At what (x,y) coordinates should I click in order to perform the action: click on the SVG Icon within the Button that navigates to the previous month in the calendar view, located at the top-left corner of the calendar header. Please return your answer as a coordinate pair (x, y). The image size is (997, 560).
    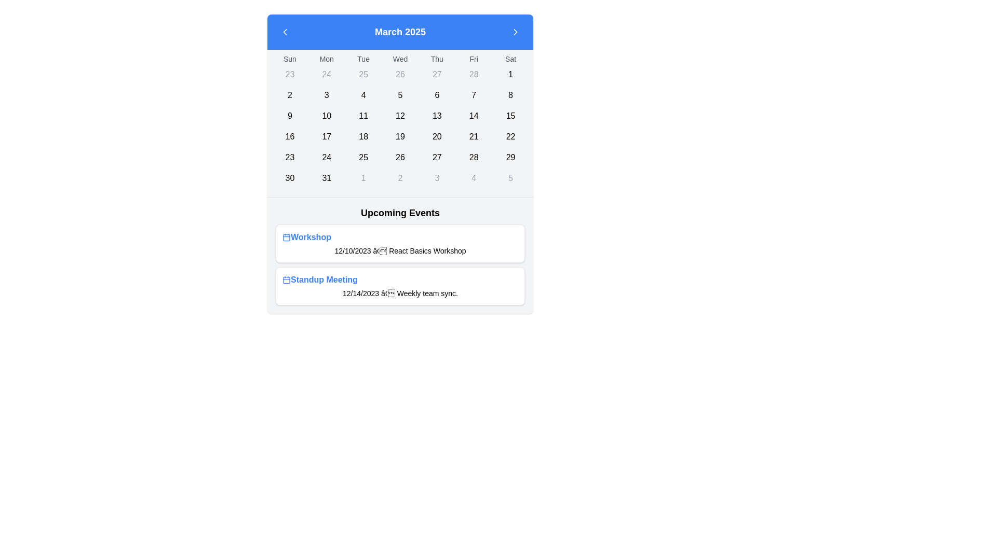
    Looking at the image, I should click on (285, 31).